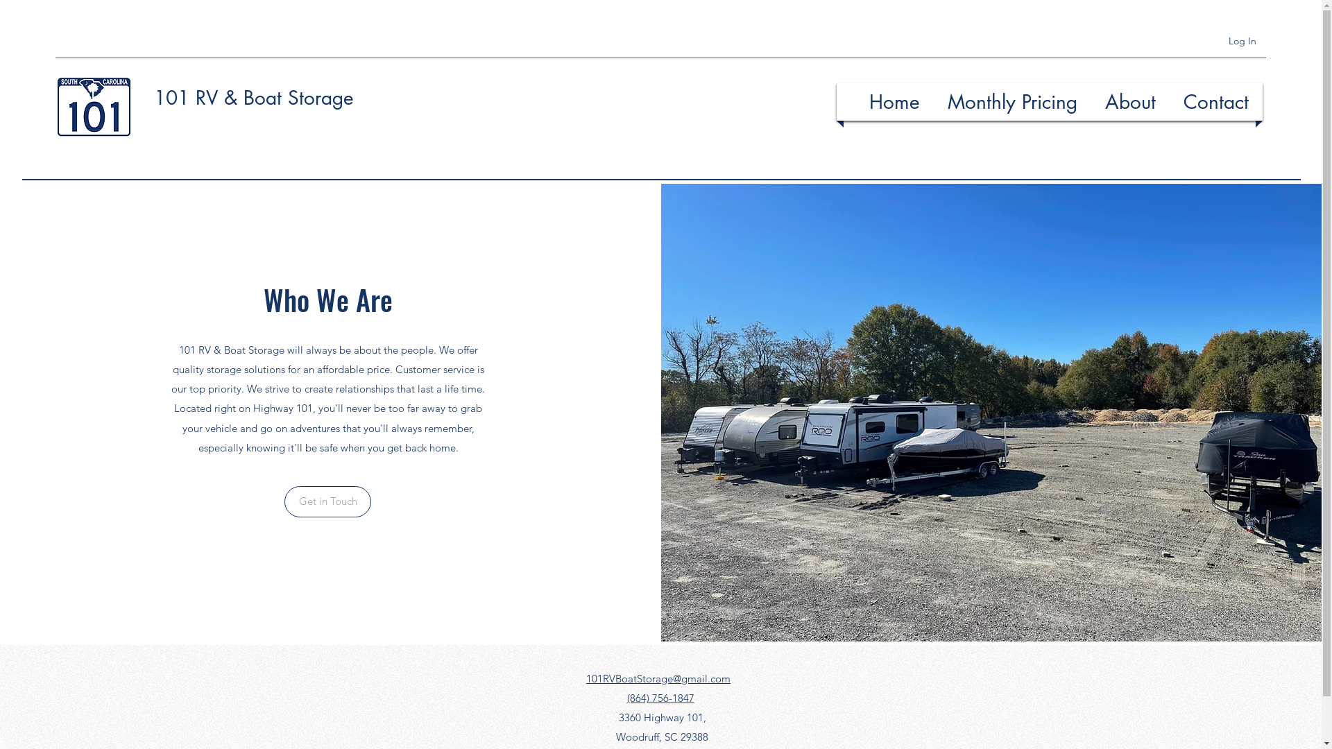  I want to click on 'Contact', so click(1215, 101).